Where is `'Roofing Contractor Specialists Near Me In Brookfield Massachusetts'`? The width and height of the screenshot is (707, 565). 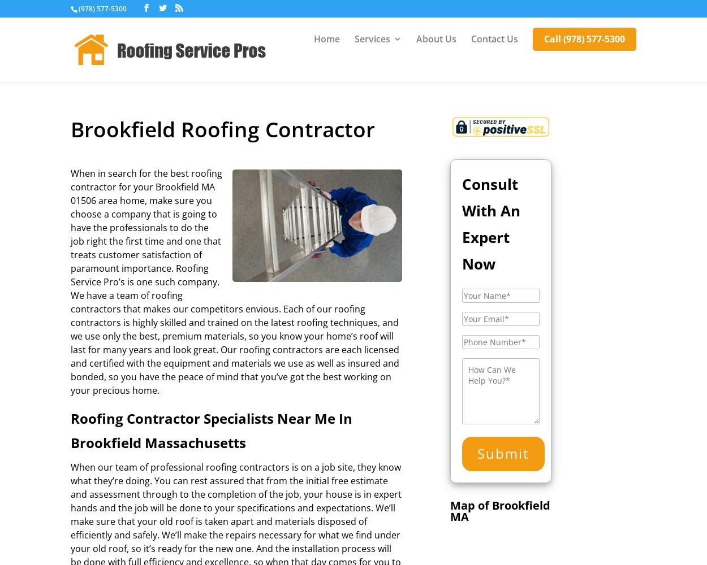 'Roofing Contractor Specialists Near Me In Brookfield Massachusetts' is located at coordinates (211, 430).